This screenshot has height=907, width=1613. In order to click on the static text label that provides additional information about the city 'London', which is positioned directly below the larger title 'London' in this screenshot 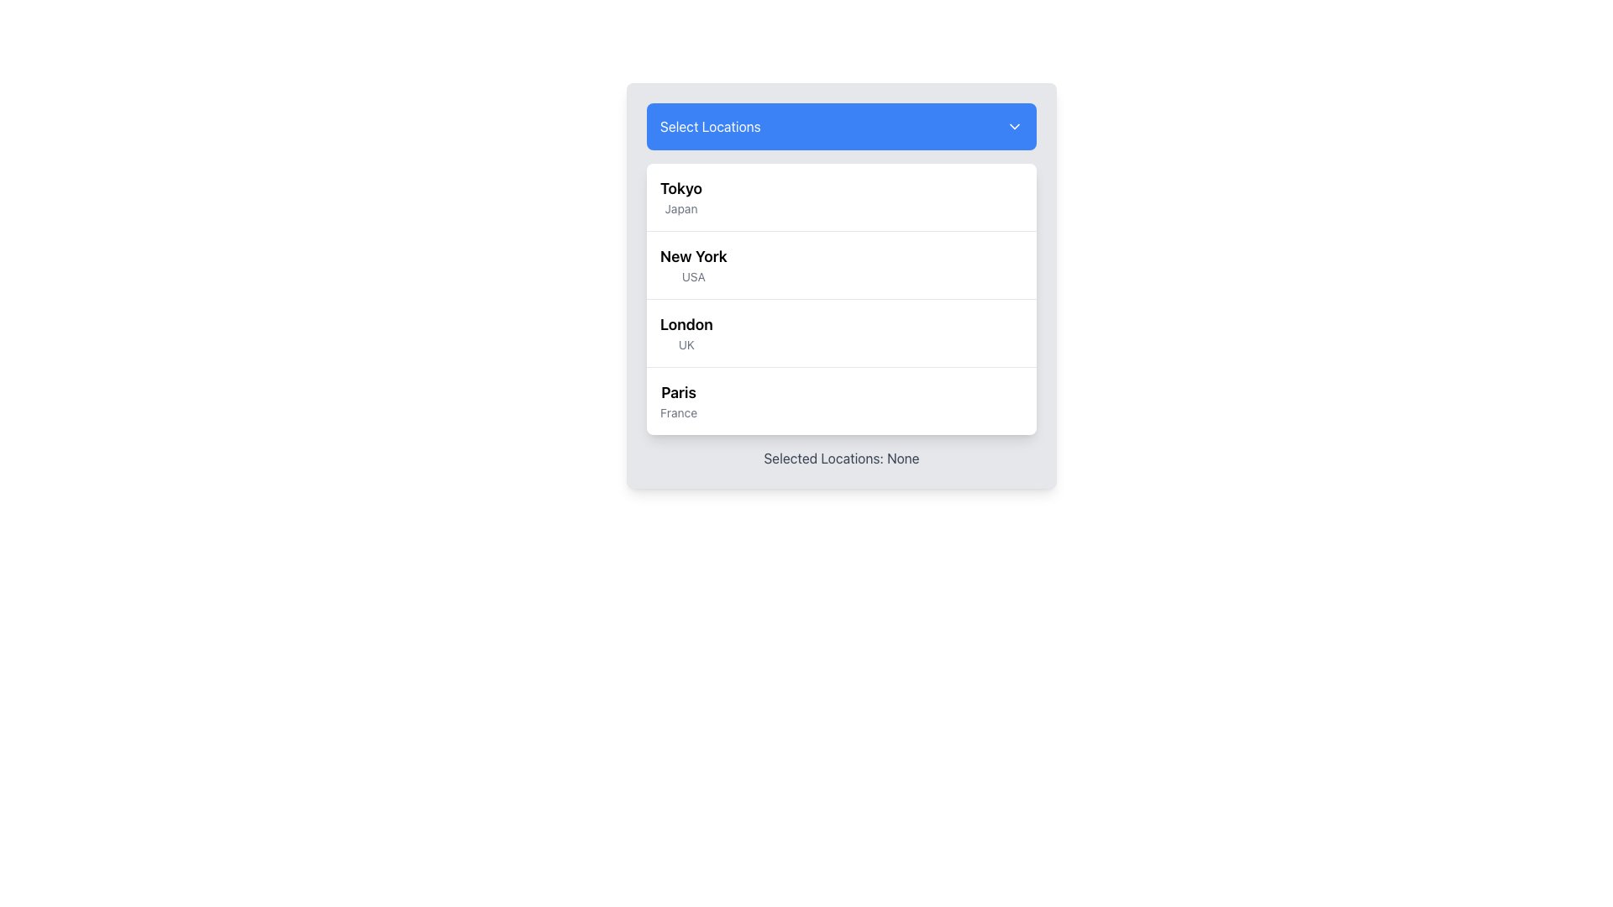, I will do `click(686, 344)`.